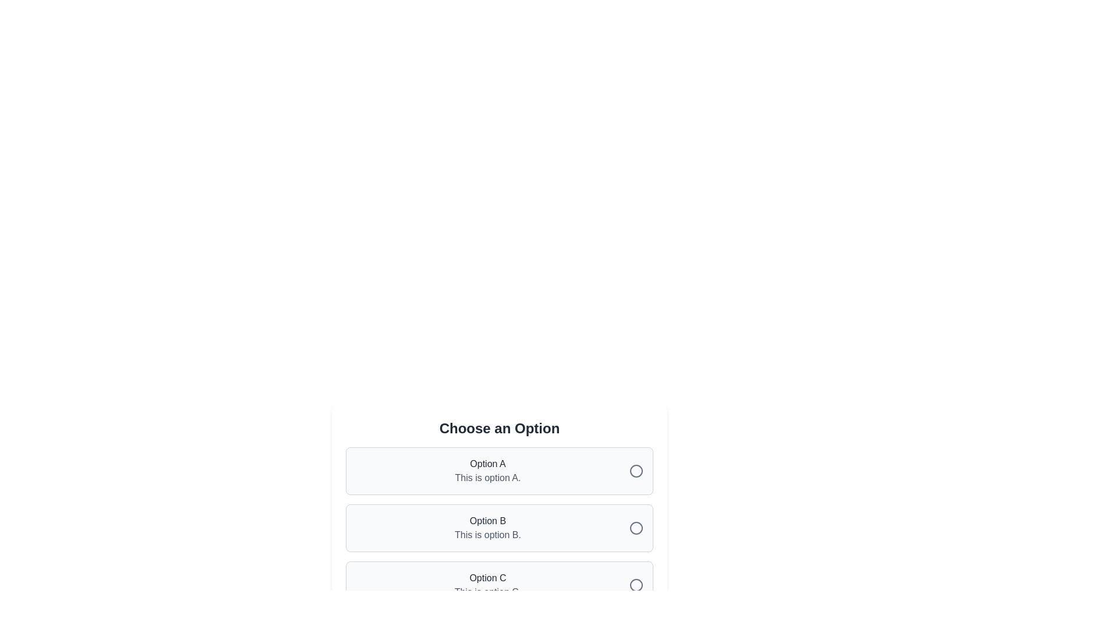 The width and height of the screenshot is (1118, 629). Describe the element at coordinates (488, 578) in the screenshot. I see `the static text label for the 'Option C' section, which serves as the title for this choice` at that location.